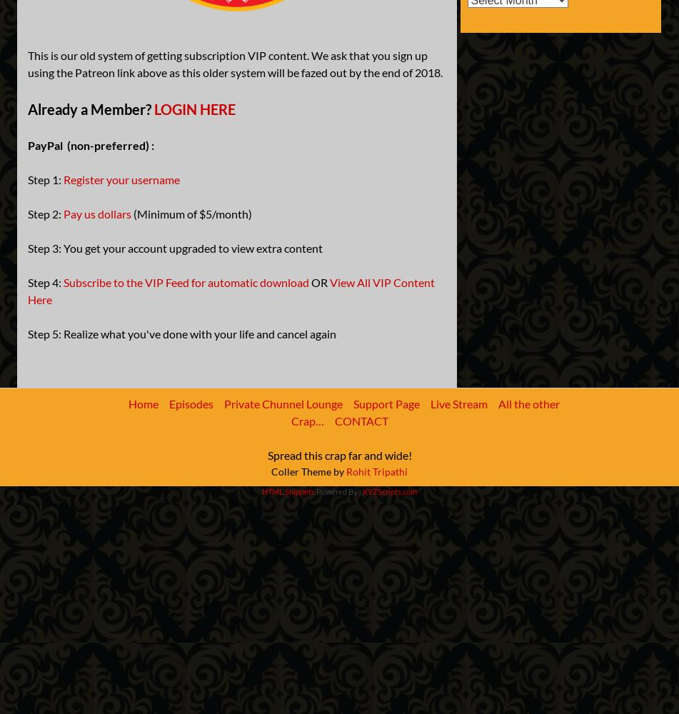 Image resolution: width=679 pixels, height=714 pixels. What do you see at coordinates (191, 403) in the screenshot?
I see `'Episodes'` at bounding box center [191, 403].